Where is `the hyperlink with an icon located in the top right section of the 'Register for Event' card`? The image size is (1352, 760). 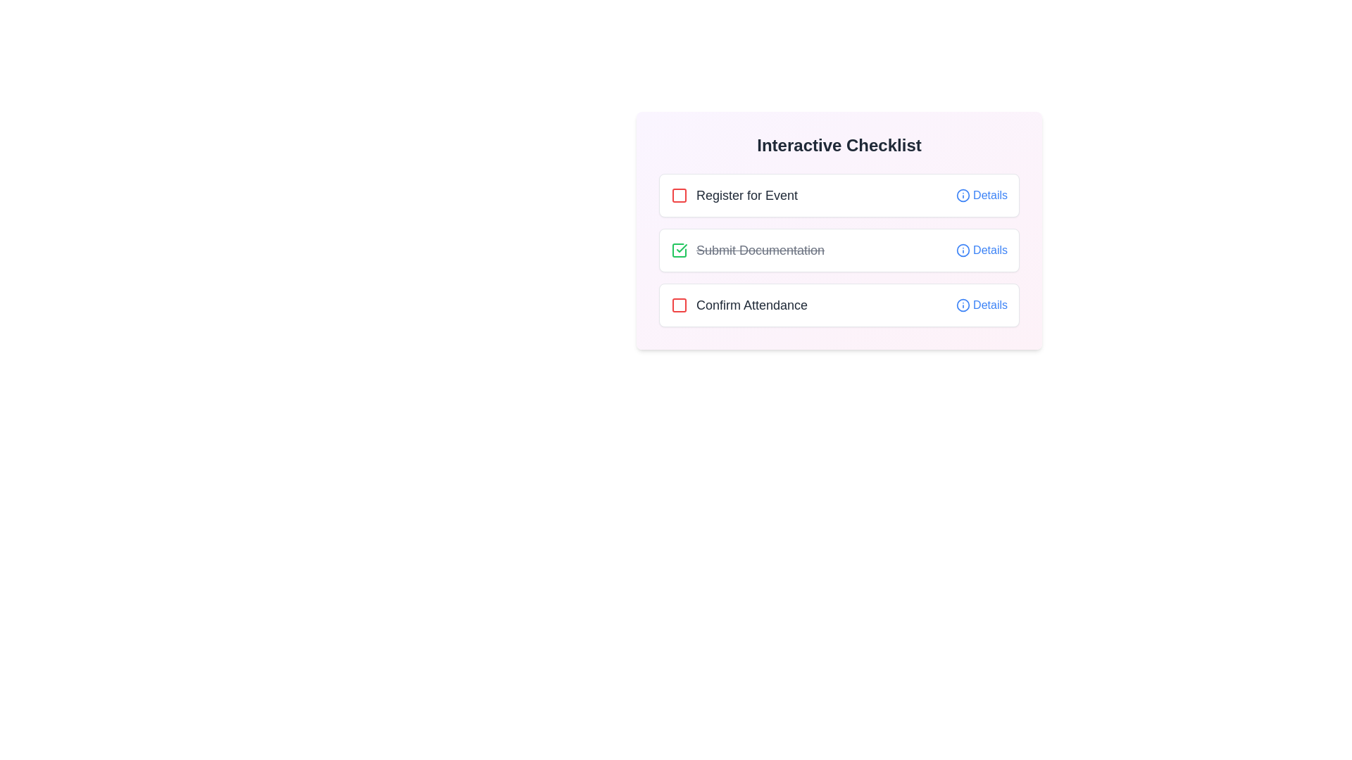
the hyperlink with an icon located in the top right section of the 'Register for Event' card is located at coordinates (981, 195).